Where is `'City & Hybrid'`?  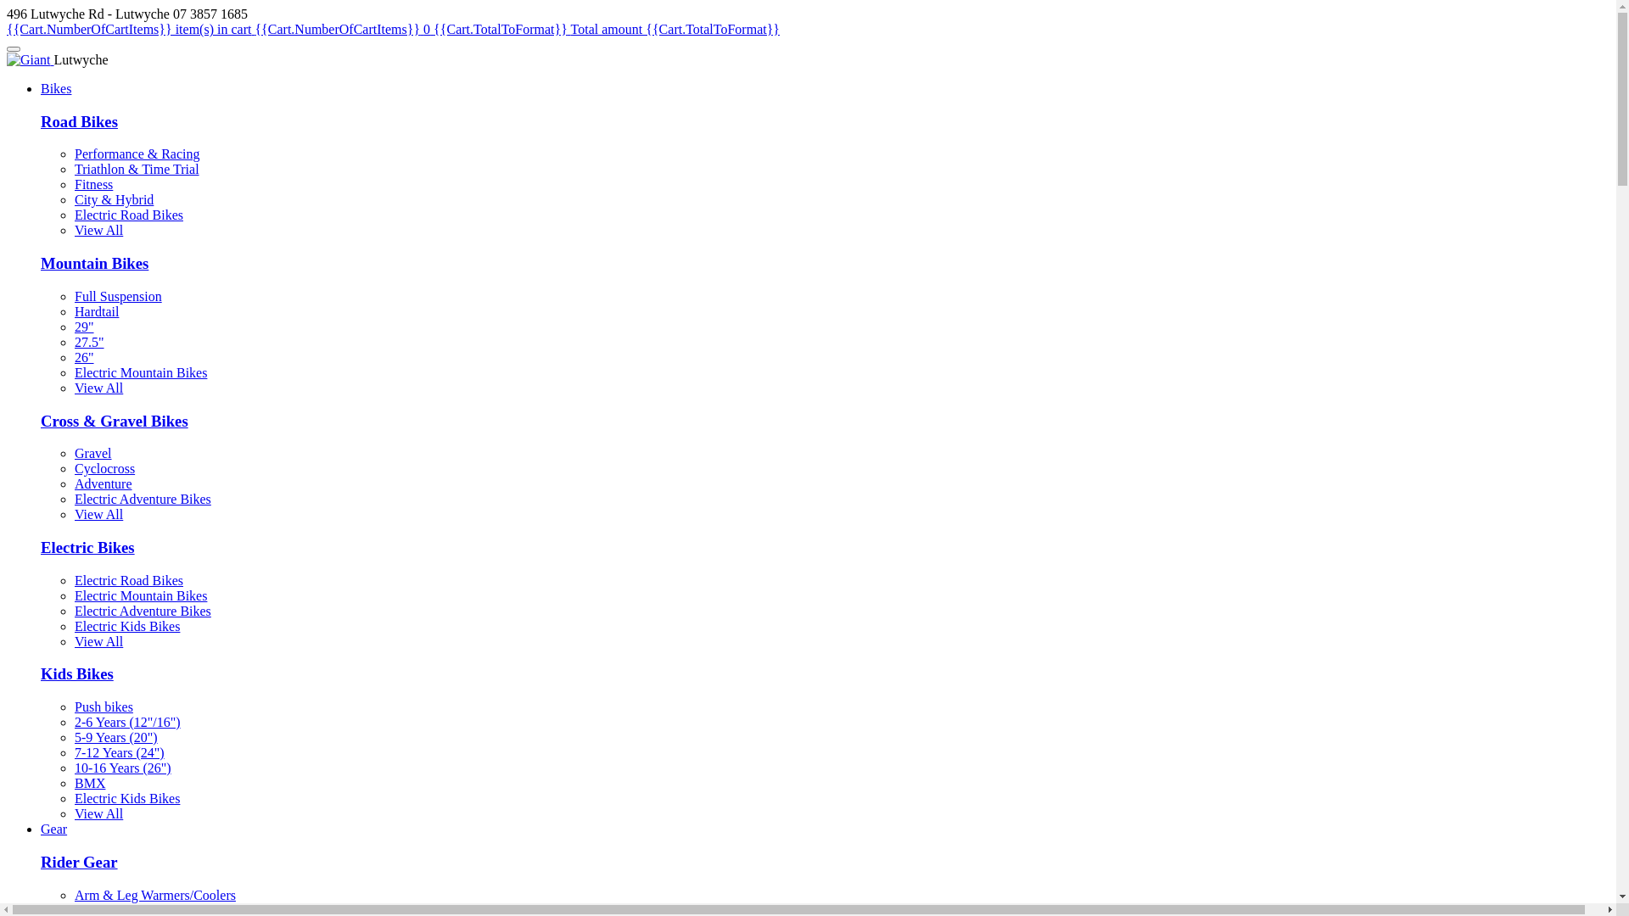
'City & Hybrid' is located at coordinates (113, 198).